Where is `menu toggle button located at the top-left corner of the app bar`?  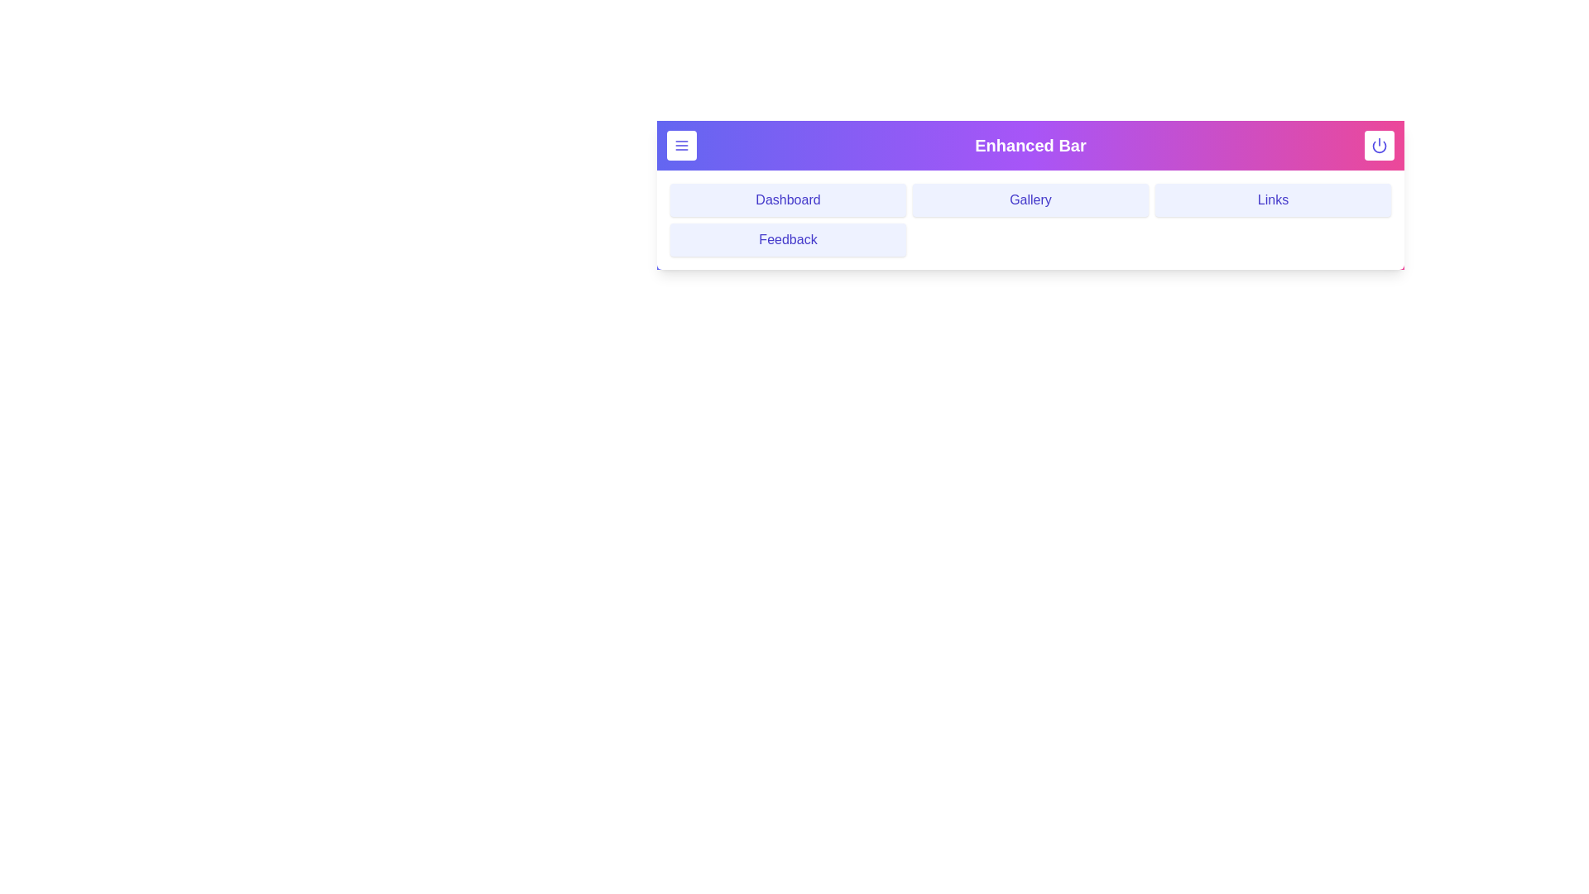
menu toggle button located at the top-left corner of the app bar is located at coordinates (682, 145).